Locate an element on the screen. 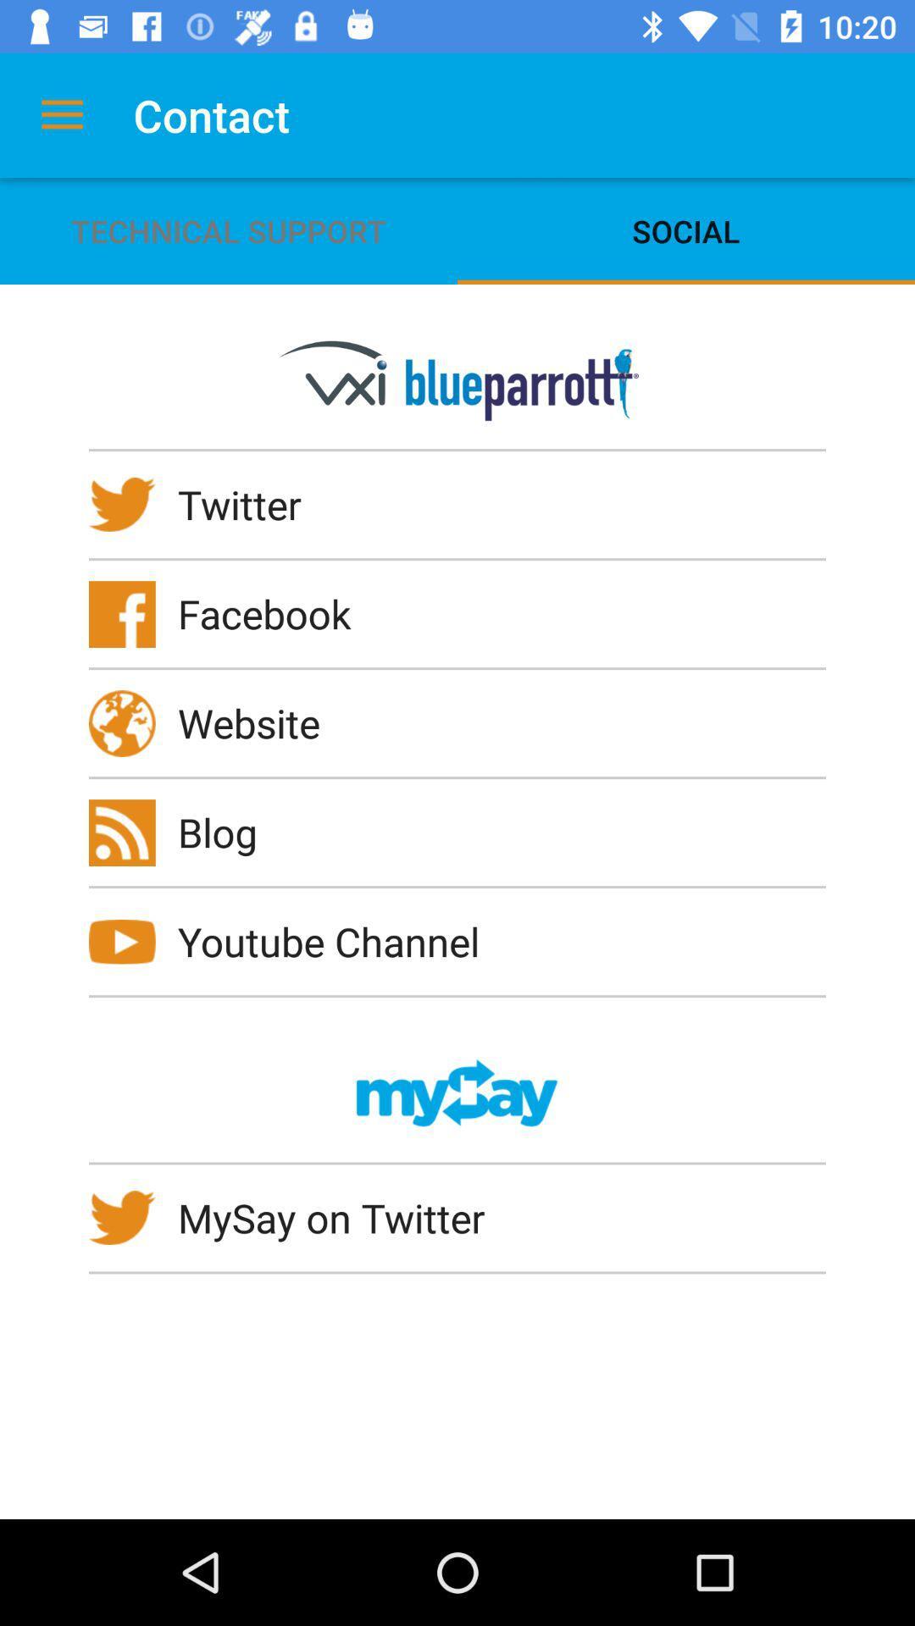 The height and width of the screenshot is (1626, 915). icon above technical support icon is located at coordinates (61, 114).